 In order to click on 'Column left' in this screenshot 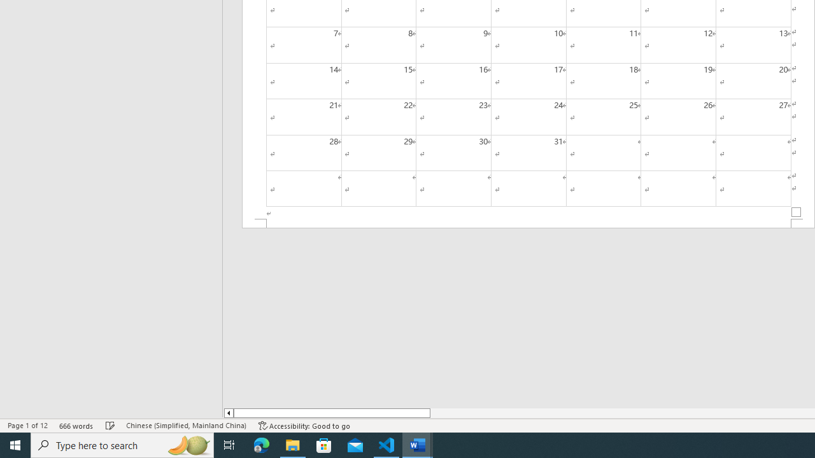, I will do `click(228, 413)`.